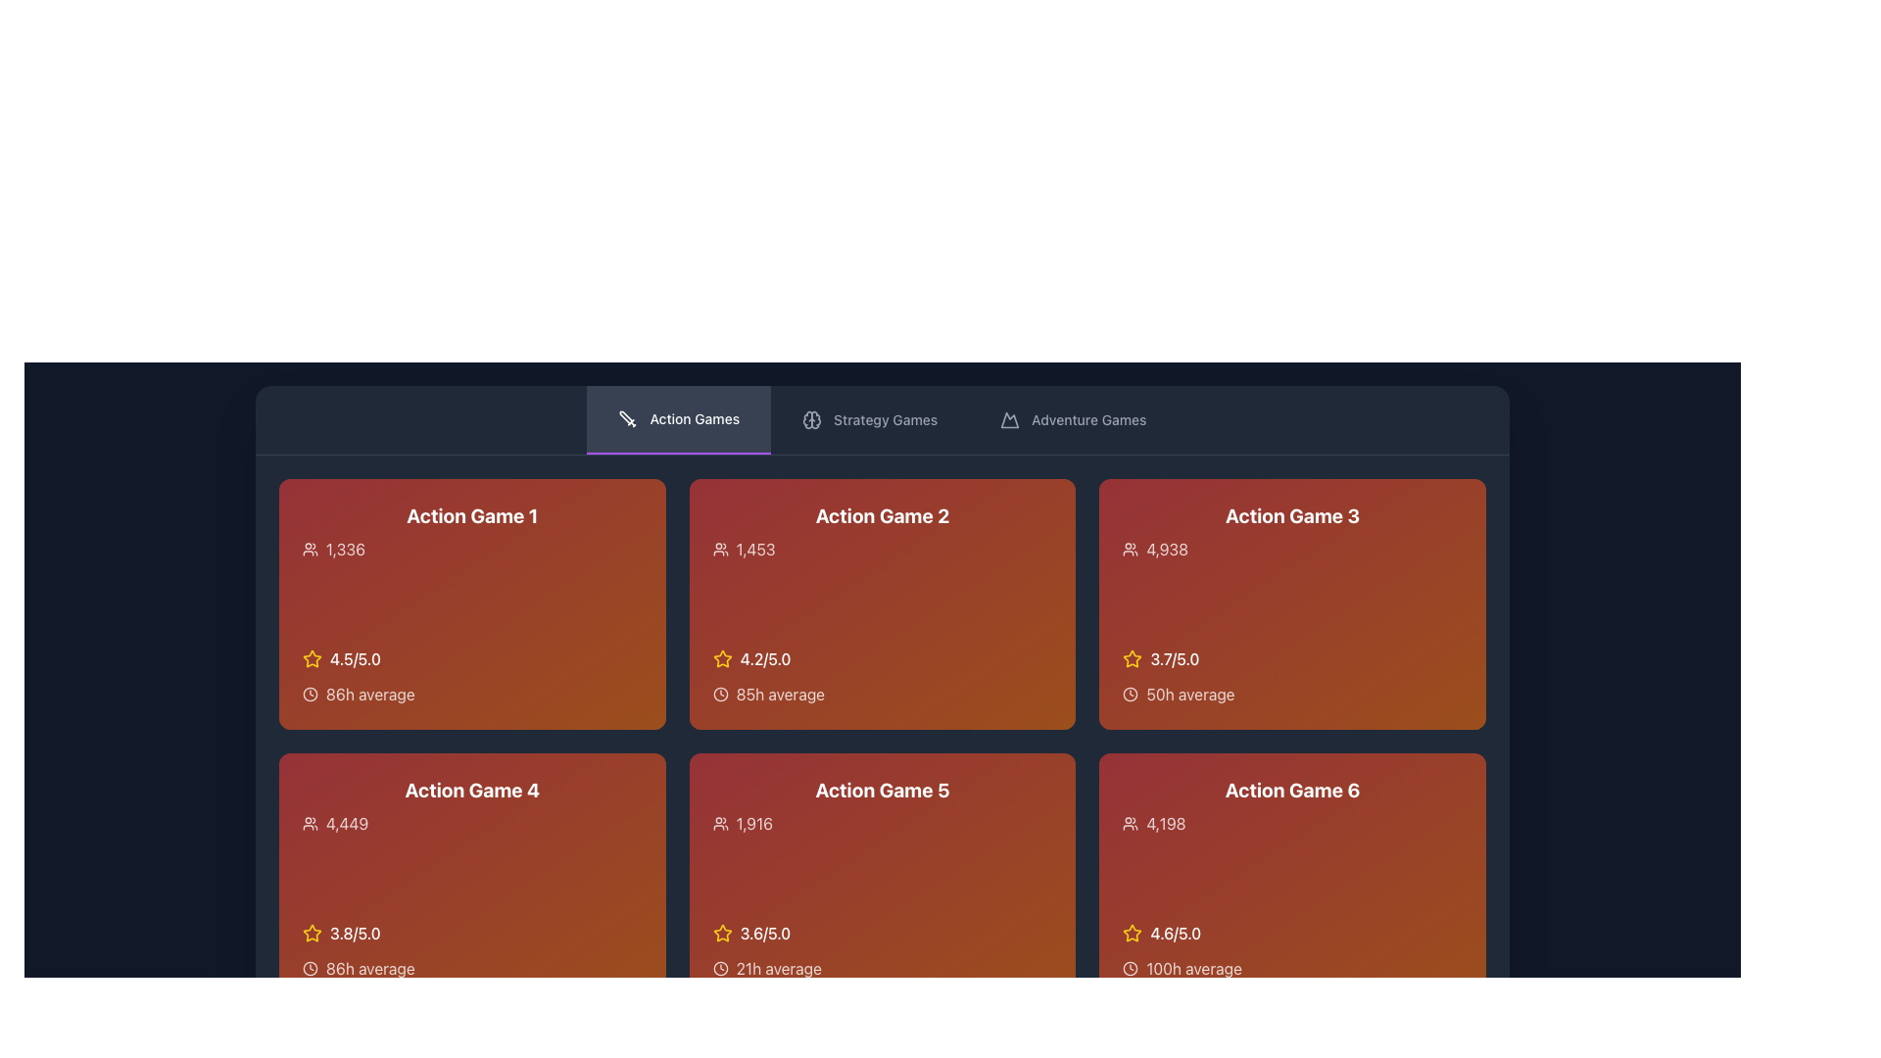 This screenshot has height=1058, width=1881. What do you see at coordinates (472, 532) in the screenshot?
I see `the title 'Action Game 1' in the top-left card of the 'Action Games' section` at bounding box center [472, 532].